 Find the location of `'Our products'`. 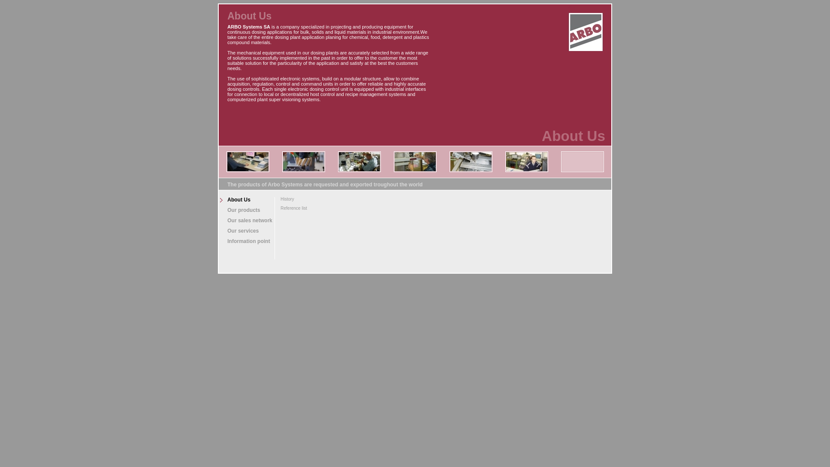

'Our products' is located at coordinates (246, 210).